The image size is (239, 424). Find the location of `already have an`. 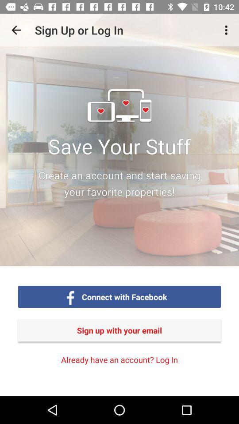

already have an is located at coordinates (119, 360).